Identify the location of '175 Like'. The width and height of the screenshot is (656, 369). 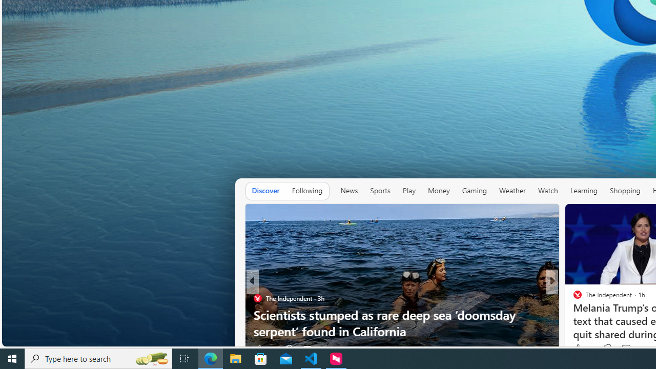
(580, 348).